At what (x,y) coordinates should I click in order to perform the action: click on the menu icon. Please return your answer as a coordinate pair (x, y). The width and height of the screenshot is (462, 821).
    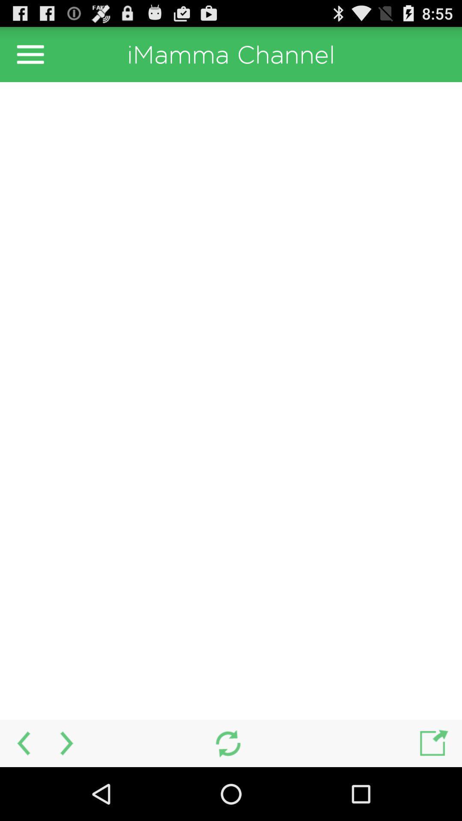
    Looking at the image, I should click on (30, 58).